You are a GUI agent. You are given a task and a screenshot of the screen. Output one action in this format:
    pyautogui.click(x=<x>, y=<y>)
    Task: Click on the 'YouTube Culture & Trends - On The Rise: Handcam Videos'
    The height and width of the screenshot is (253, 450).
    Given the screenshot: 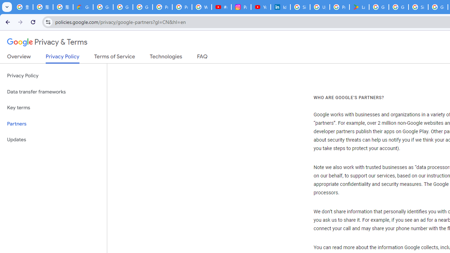 What is the action you would take?
    pyautogui.click(x=261, y=7)
    